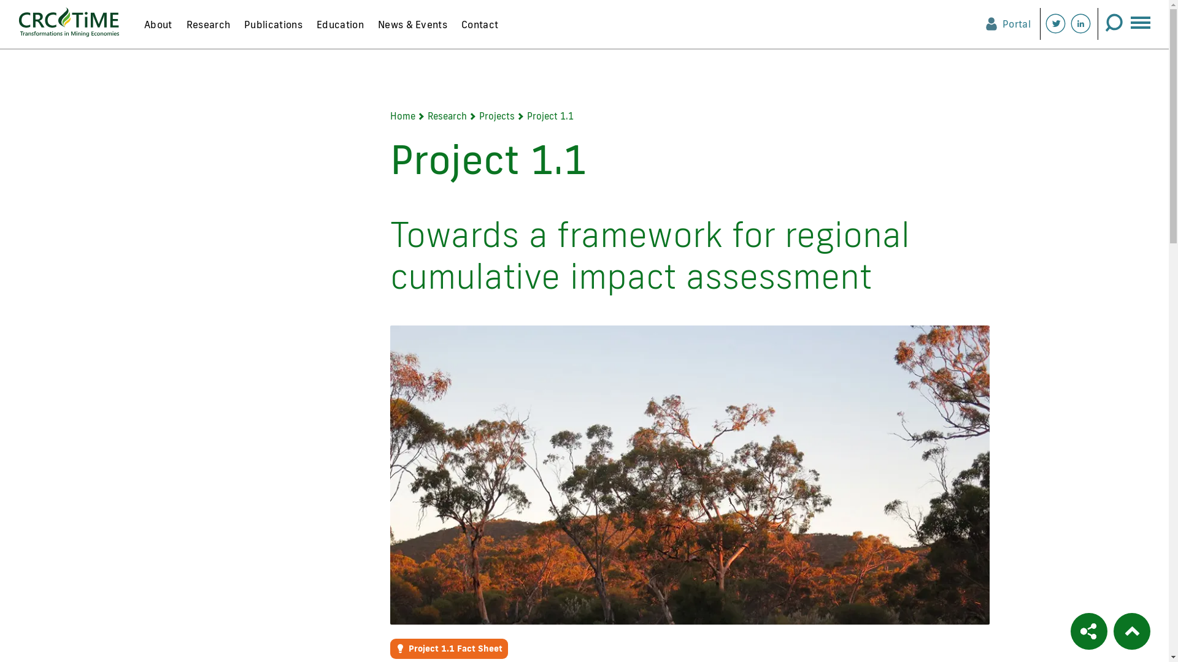  Describe the element at coordinates (412, 30) in the screenshot. I see `'News & Events'` at that location.